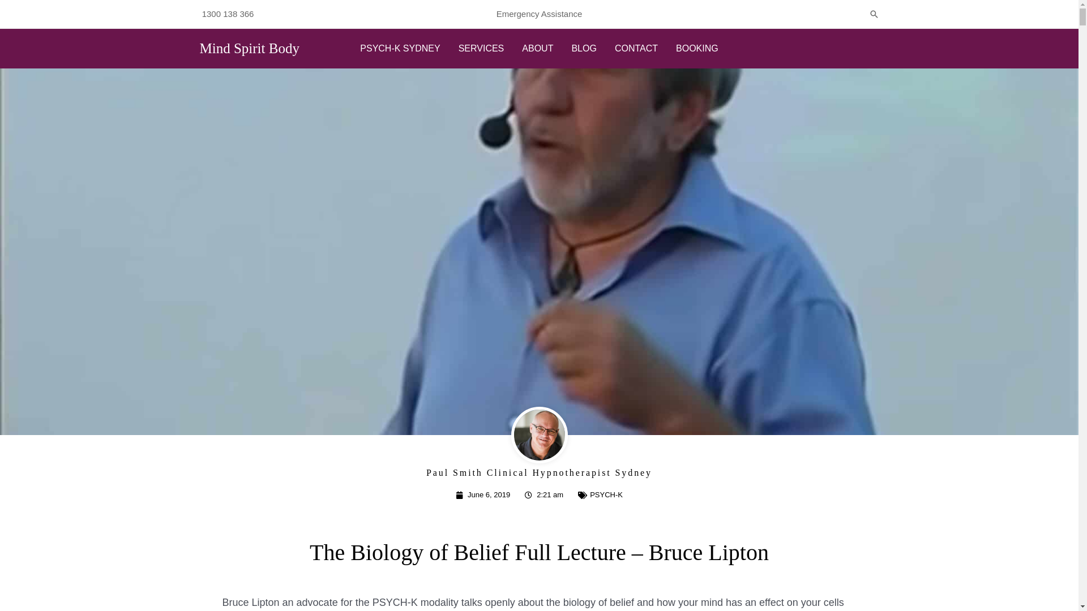 Image resolution: width=1087 pixels, height=611 pixels. I want to click on 'Mind Spirit Body', so click(199, 48).